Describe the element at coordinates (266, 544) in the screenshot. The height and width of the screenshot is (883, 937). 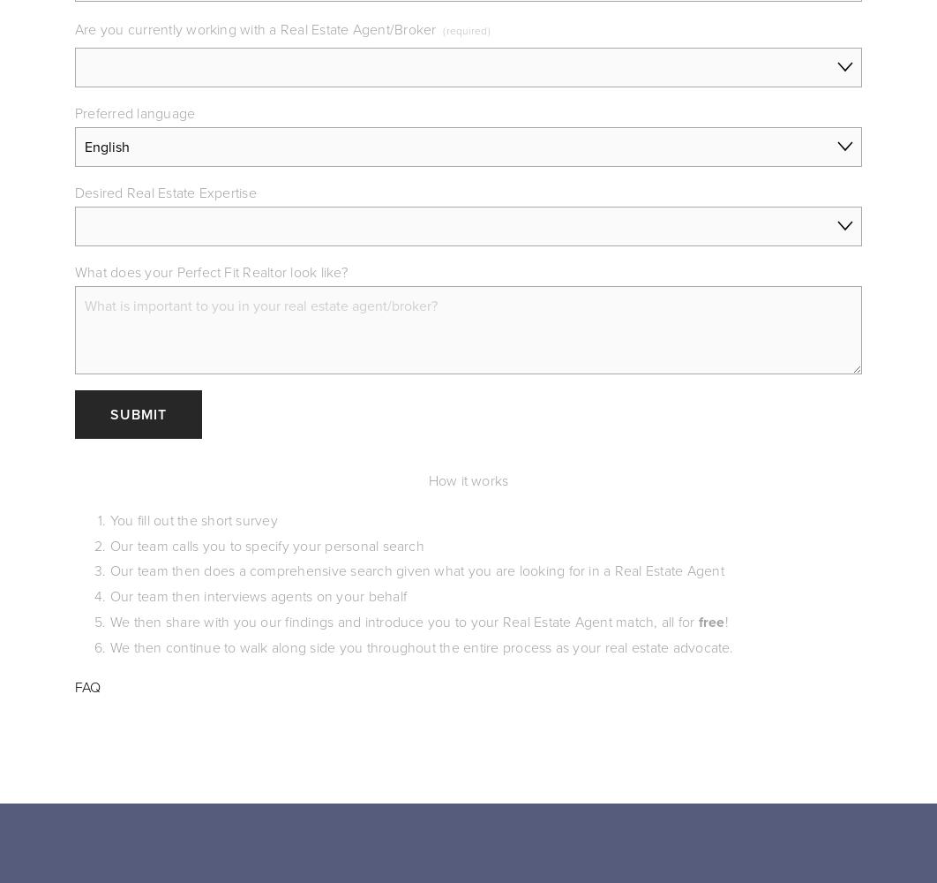
I see `'Our team calls you to specify your personal search'` at that location.